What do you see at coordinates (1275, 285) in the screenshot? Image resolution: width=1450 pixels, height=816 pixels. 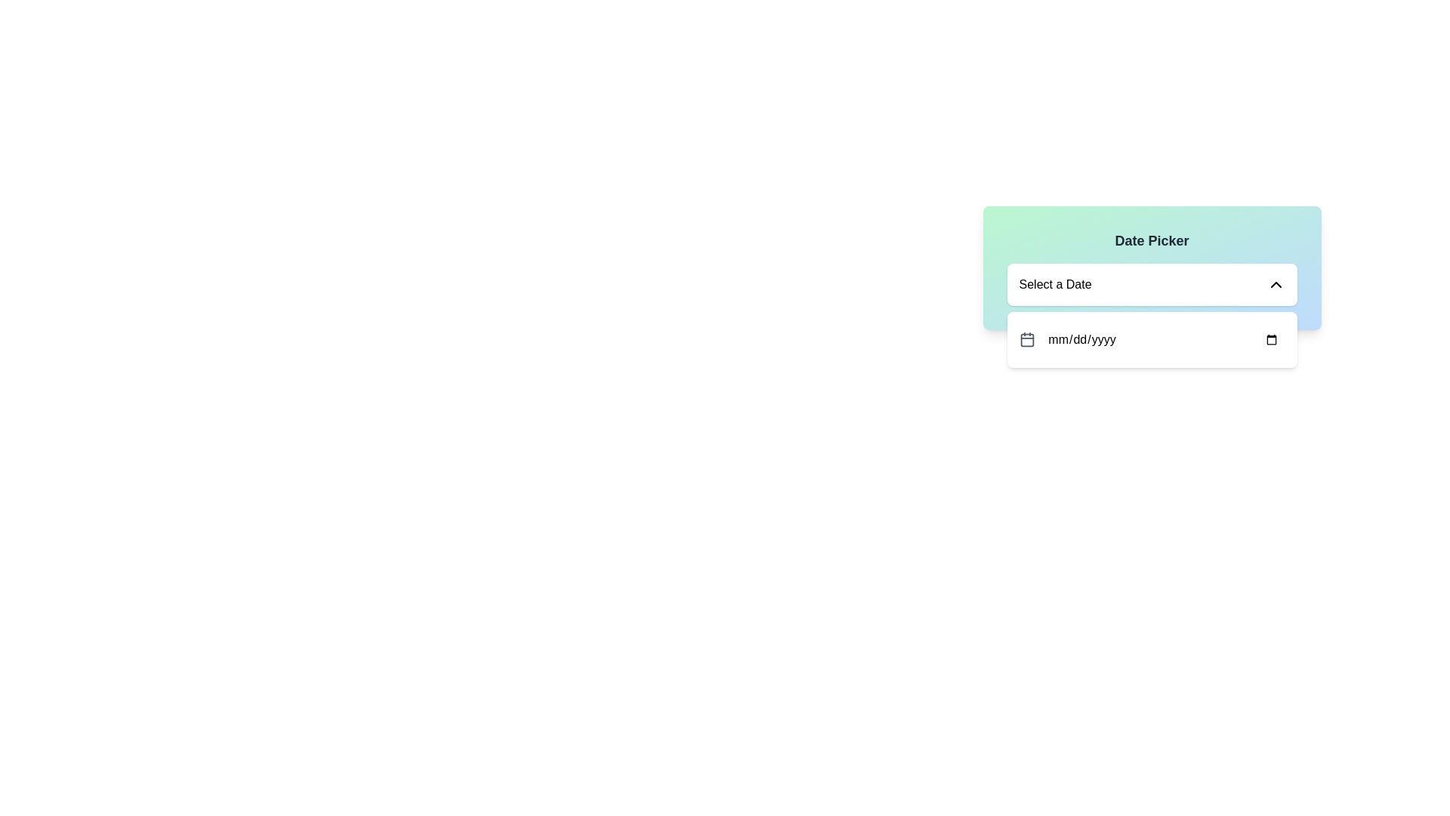 I see `the small upward-facing chevron icon with a black outline located at the right end of the 'Select a Date' section in the date picker interface` at bounding box center [1275, 285].